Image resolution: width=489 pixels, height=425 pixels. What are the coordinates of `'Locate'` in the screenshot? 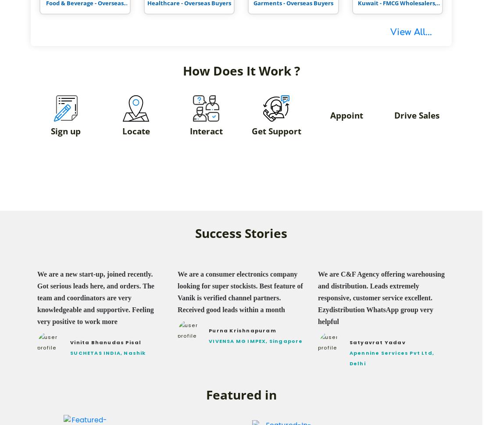 It's located at (136, 130).